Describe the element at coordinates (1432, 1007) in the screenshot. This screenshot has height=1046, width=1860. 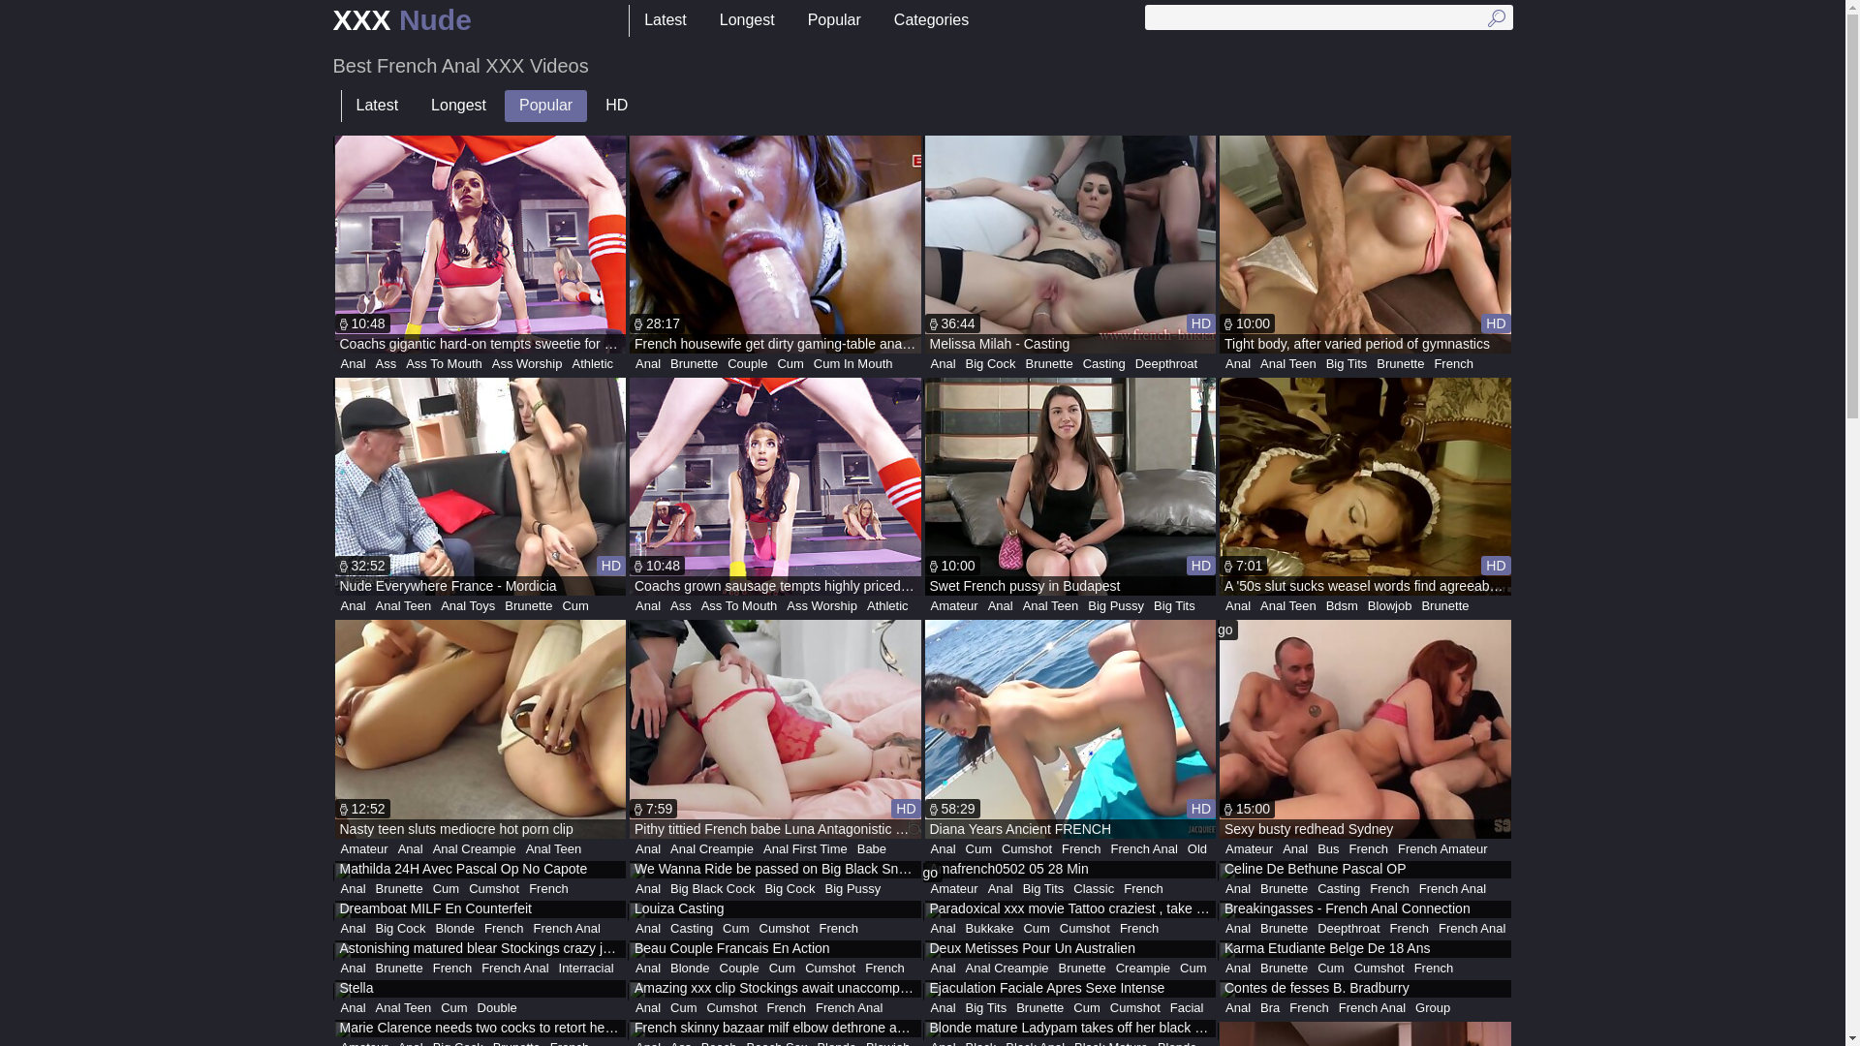
I see `'Group'` at that location.